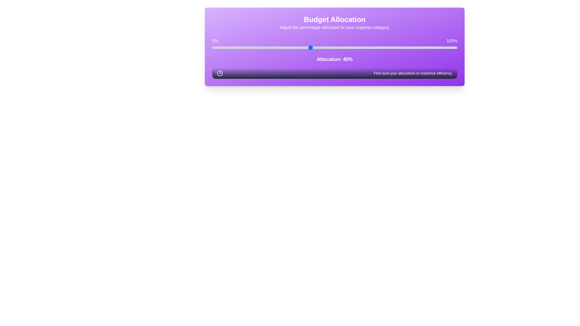 Image resolution: width=580 pixels, height=326 pixels. What do you see at coordinates (420, 47) in the screenshot?
I see `the slider` at bounding box center [420, 47].